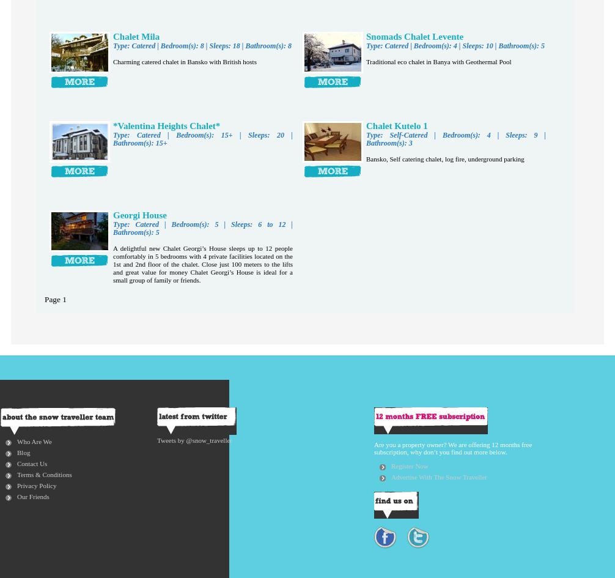 The image size is (615, 578). What do you see at coordinates (32, 462) in the screenshot?
I see `'Contact Us'` at bounding box center [32, 462].